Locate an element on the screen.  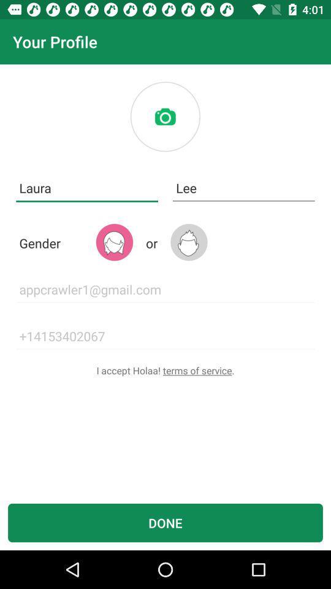
the done is located at coordinates (165, 522).